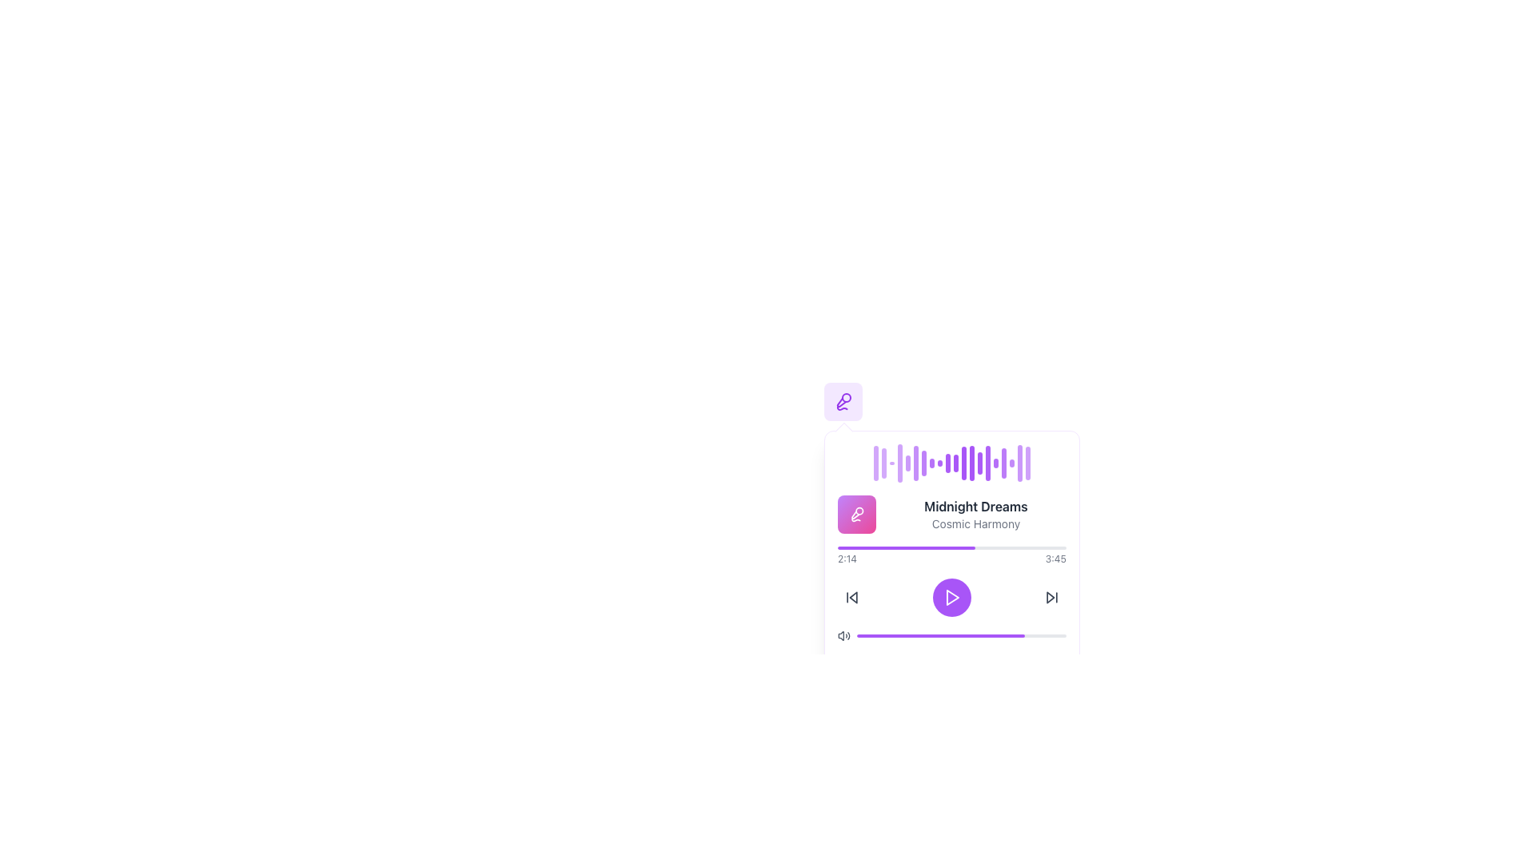 This screenshot has height=863, width=1535. Describe the element at coordinates (900, 463) in the screenshot. I see `fourth vertical waveform bar in the music playback interface for details` at that location.